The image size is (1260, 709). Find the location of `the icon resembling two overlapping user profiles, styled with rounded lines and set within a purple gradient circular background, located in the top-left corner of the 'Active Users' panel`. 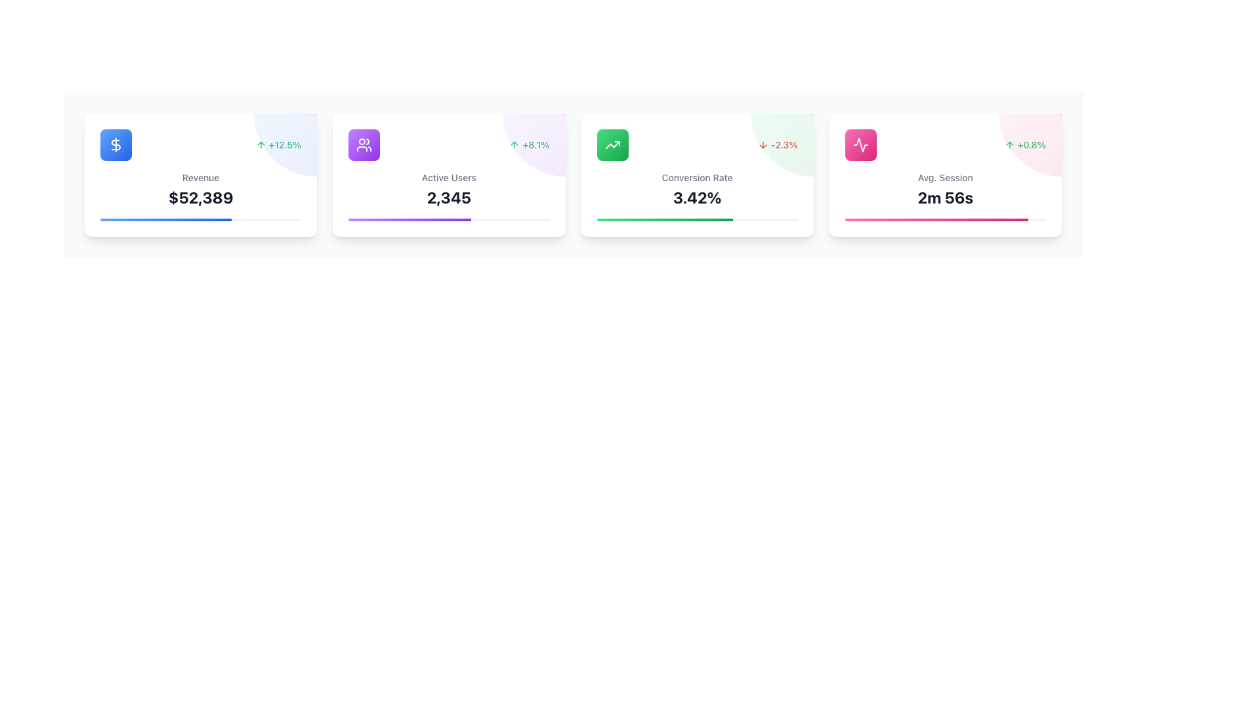

the icon resembling two overlapping user profiles, styled with rounded lines and set within a purple gradient circular background, located in the top-left corner of the 'Active Users' panel is located at coordinates (364, 144).